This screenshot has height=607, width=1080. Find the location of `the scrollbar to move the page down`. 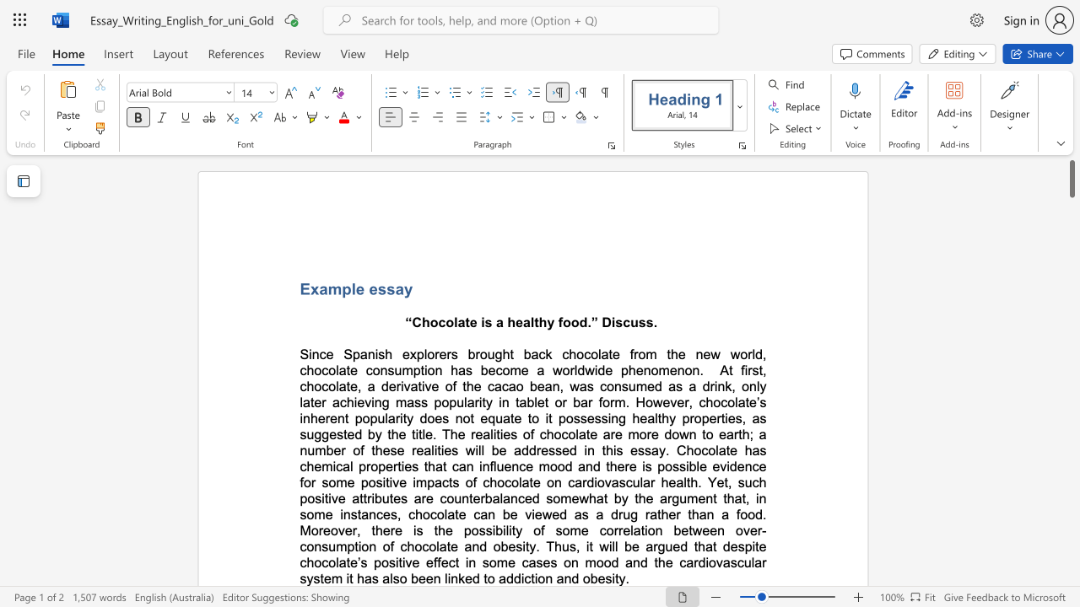

the scrollbar to move the page down is located at coordinates (1071, 420).